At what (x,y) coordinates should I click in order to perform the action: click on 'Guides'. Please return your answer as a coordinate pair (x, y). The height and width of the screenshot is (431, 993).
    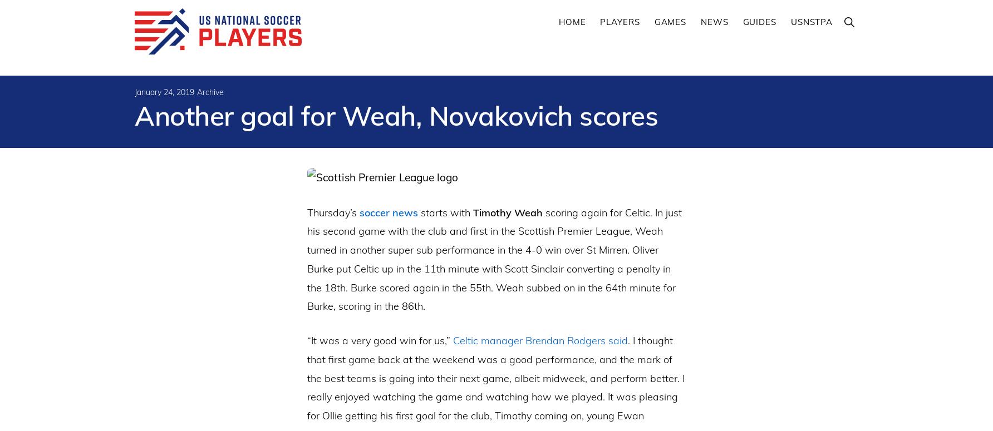
    Looking at the image, I should click on (759, 22).